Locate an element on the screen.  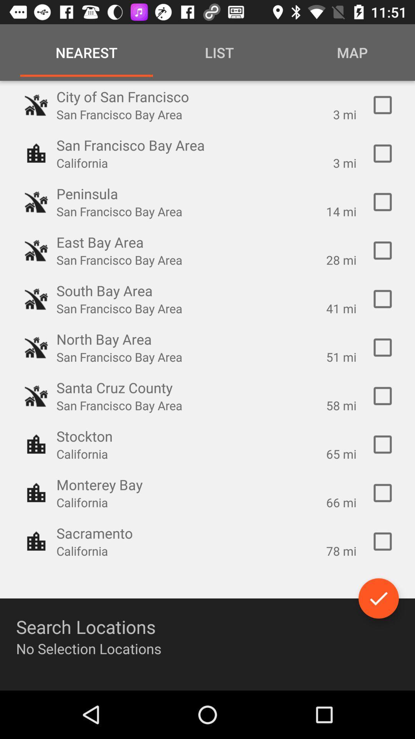
the city is located at coordinates (382, 493).